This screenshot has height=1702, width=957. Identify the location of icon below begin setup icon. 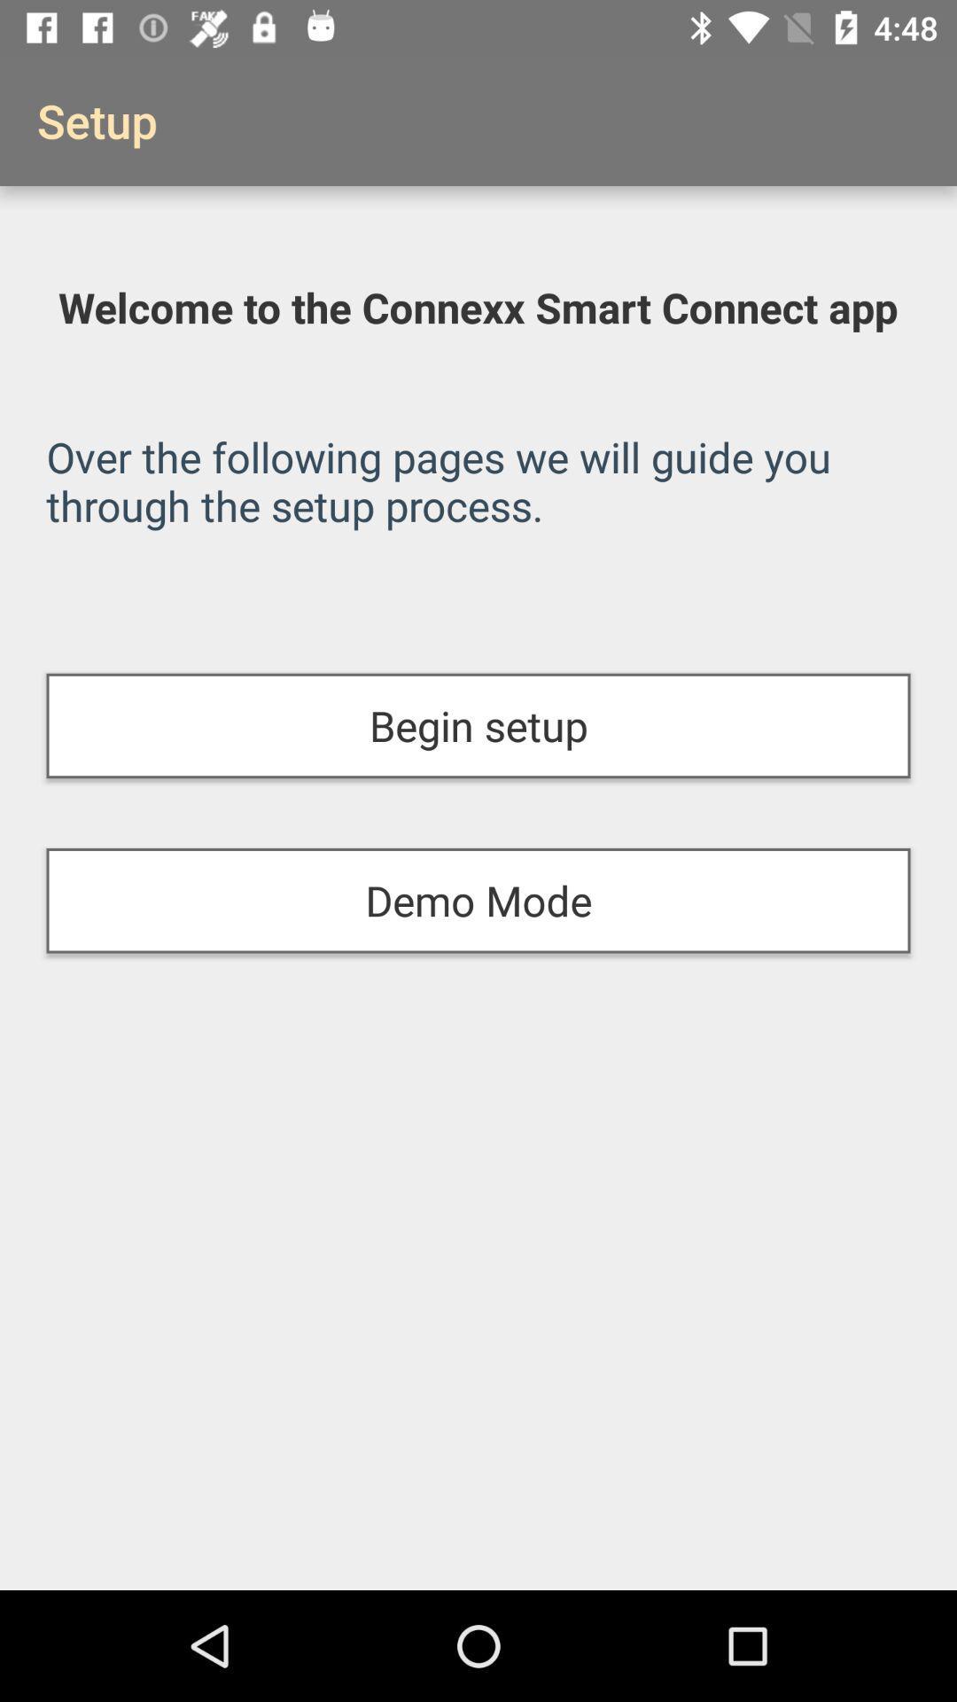
(478, 901).